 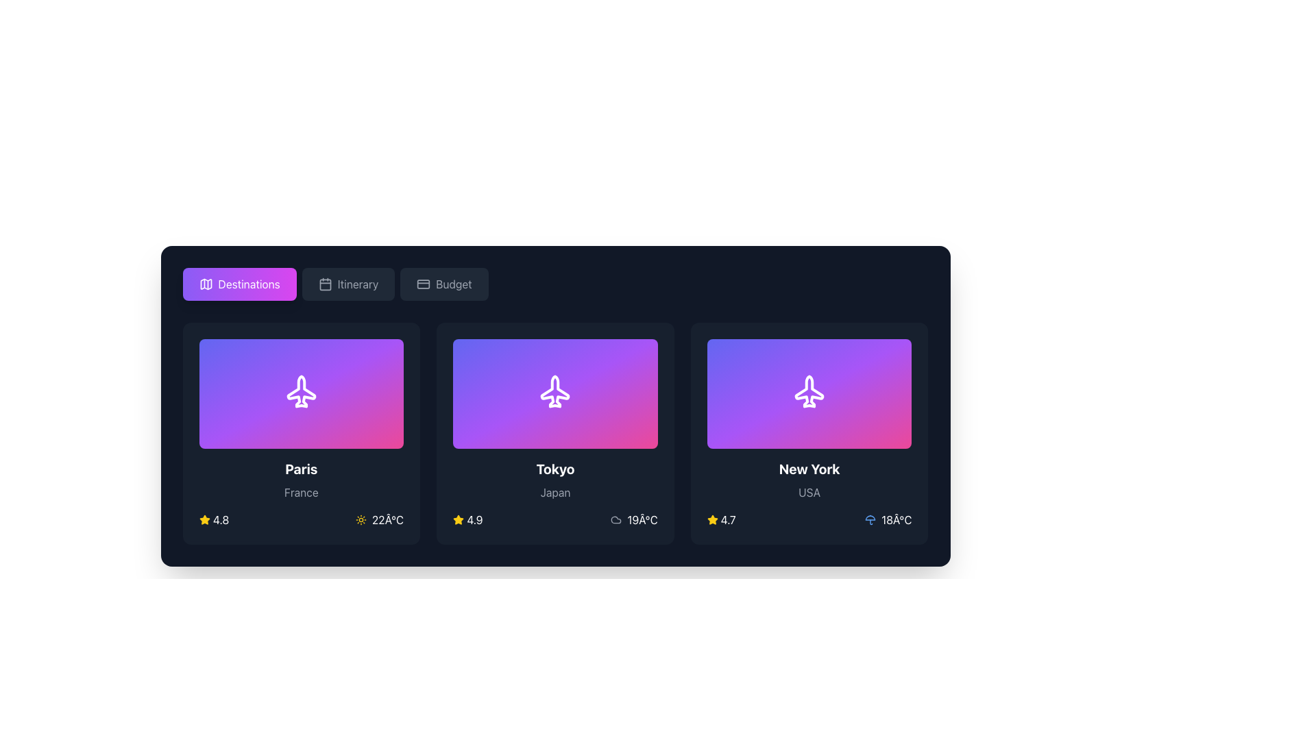 What do you see at coordinates (444, 284) in the screenshot?
I see `the budget navigation button, which is the third button in a row following 'Destinations' and 'Itinerary', to observe its hover effects` at bounding box center [444, 284].